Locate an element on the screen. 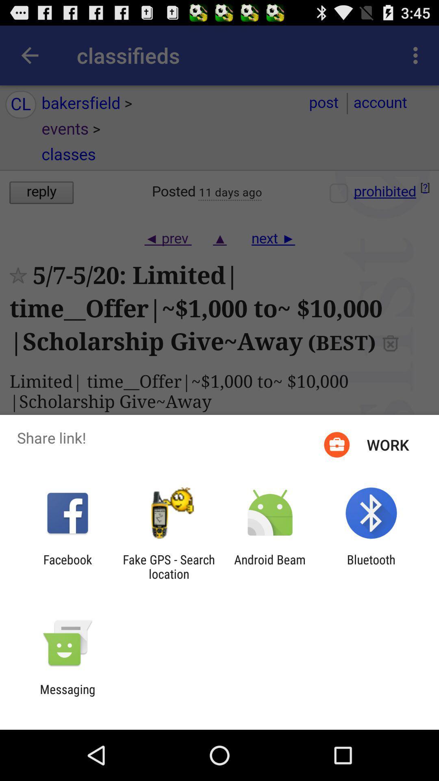 The height and width of the screenshot is (781, 439). the item at the bottom right corner is located at coordinates (371, 566).